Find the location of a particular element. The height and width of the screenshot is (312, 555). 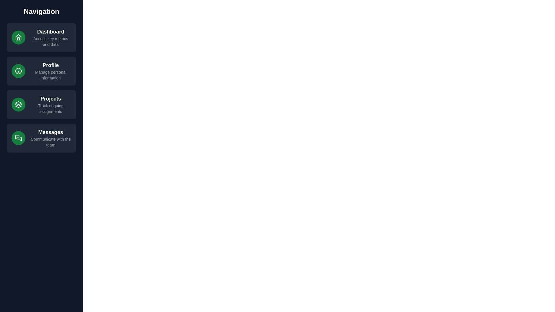

the icon associated with the Dashboard navigation item is located at coordinates (18, 38).